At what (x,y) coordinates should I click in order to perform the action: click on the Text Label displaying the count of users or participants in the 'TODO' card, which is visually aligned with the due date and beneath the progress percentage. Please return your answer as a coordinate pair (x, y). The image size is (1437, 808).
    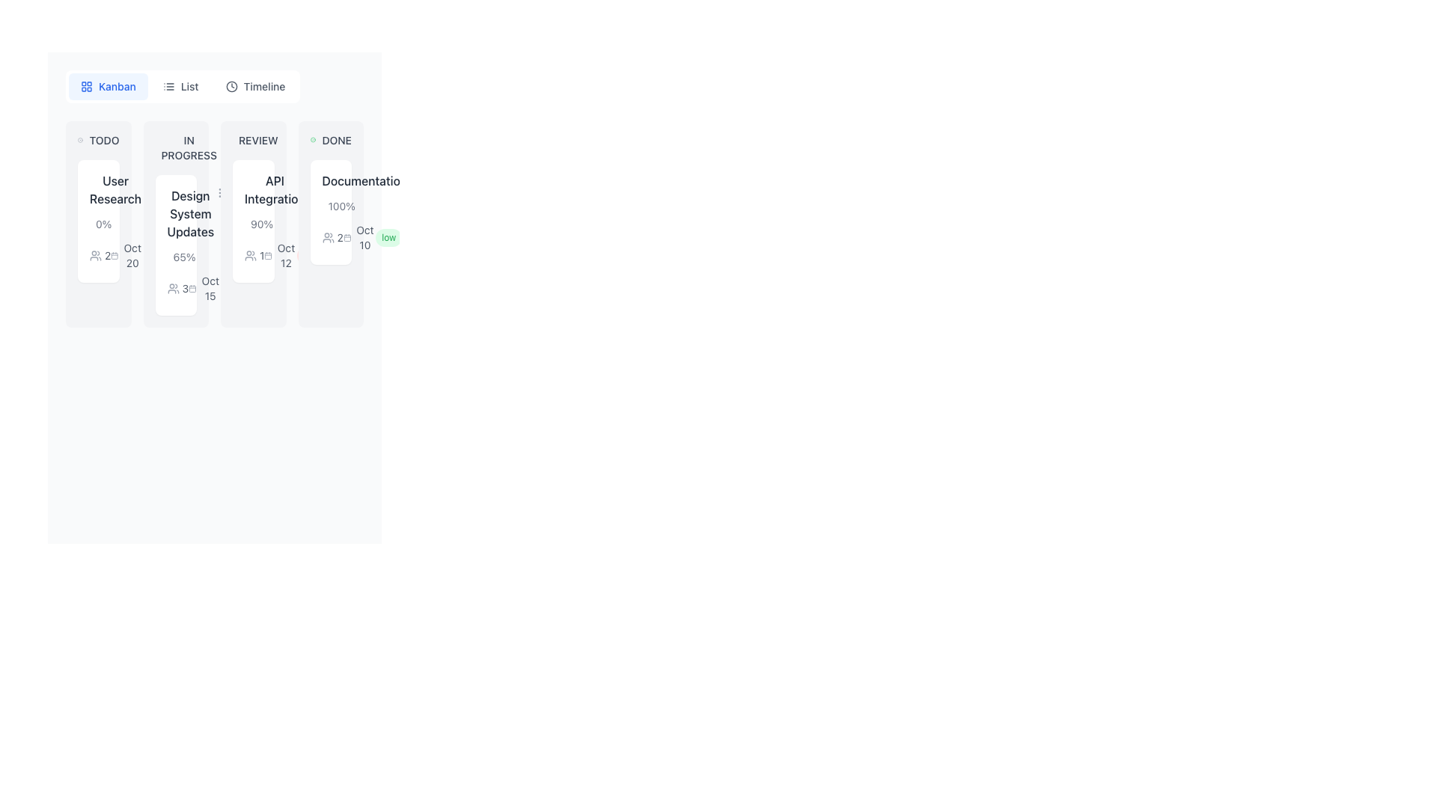
    Looking at the image, I should click on (107, 255).